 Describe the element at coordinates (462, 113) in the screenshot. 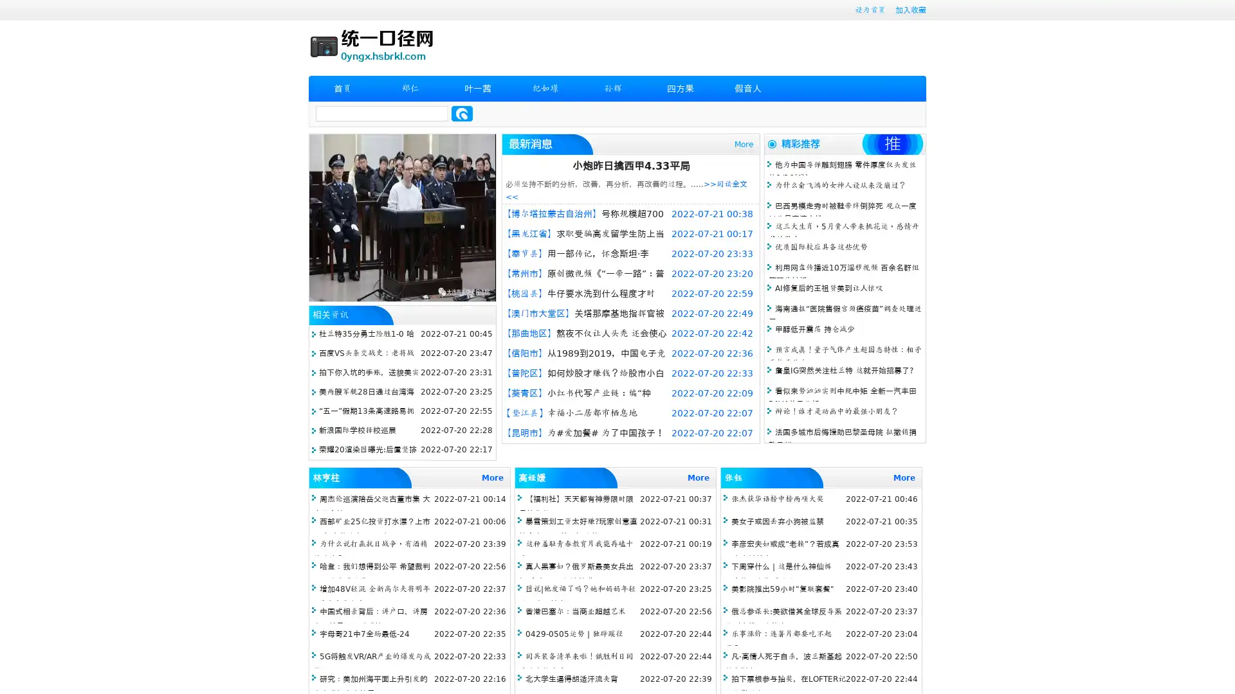

I see `Search` at that location.